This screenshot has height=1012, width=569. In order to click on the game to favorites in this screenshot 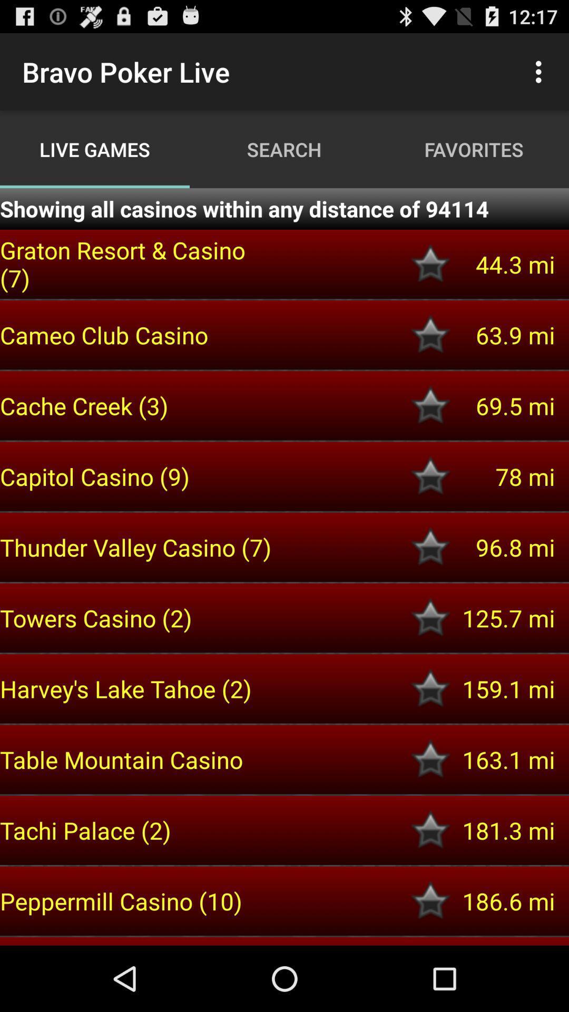, I will do `click(430, 830)`.